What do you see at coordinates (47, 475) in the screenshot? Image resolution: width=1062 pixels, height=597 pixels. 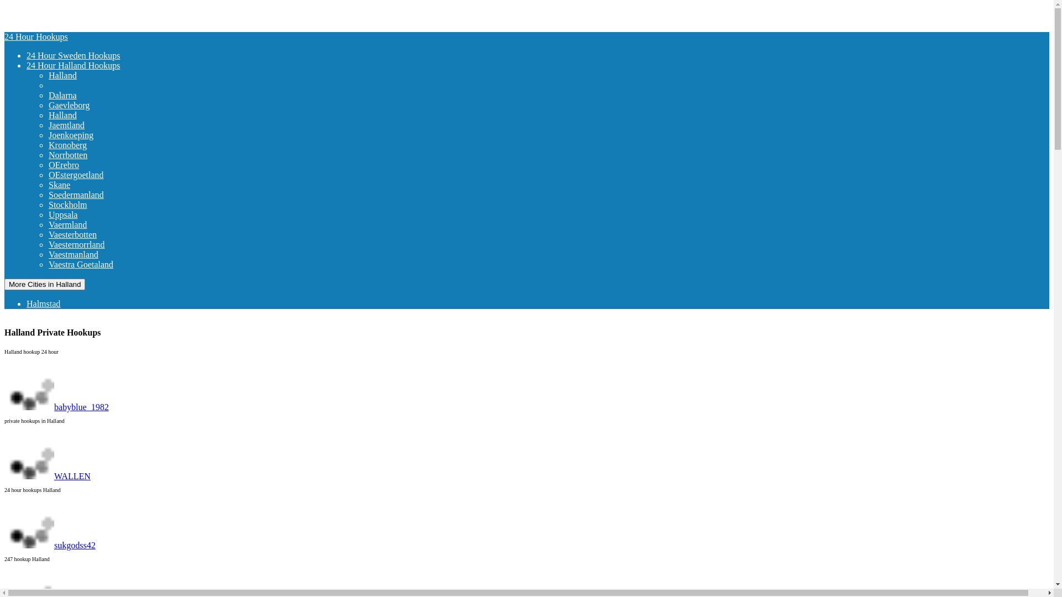 I see `'WALLEN'` at bounding box center [47, 475].